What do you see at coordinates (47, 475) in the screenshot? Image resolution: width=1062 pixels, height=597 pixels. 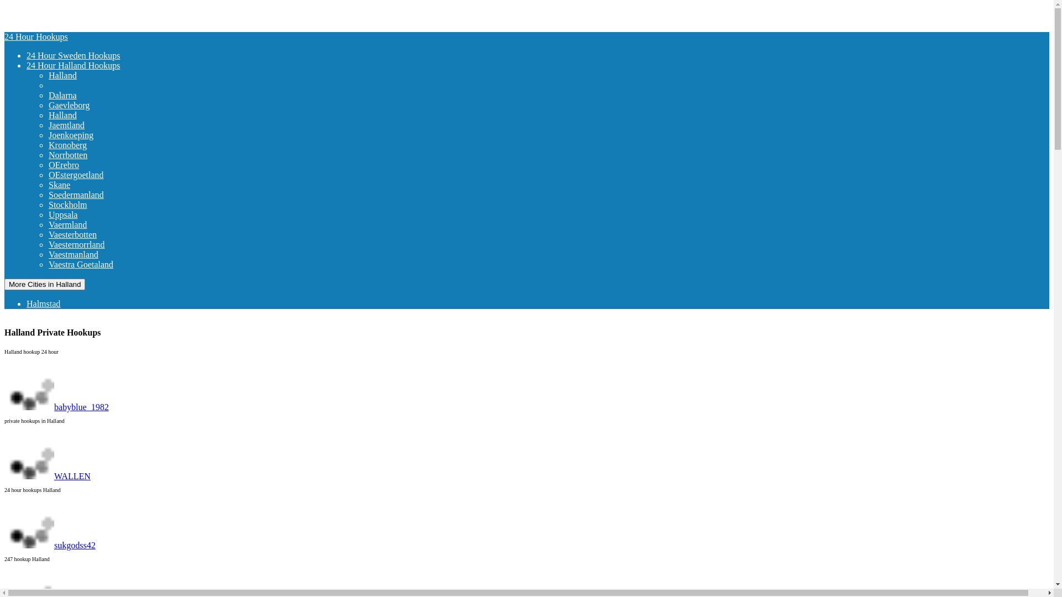 I see `'WALLEN'` at bounding box center [47, 475].